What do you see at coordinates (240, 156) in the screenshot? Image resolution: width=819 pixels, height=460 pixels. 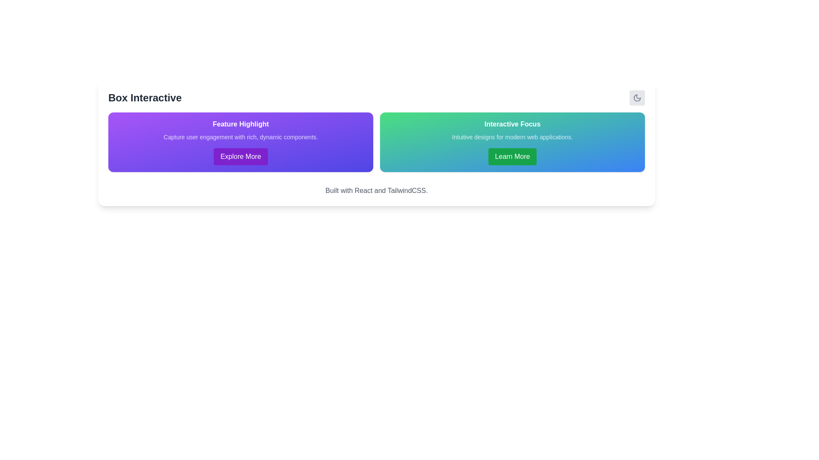 I see `the call-to-action button located below the text 'Capture user engagement with rich, dynamic components.' in the purple gradient-highlighted section` at bounding box center [240, 156].